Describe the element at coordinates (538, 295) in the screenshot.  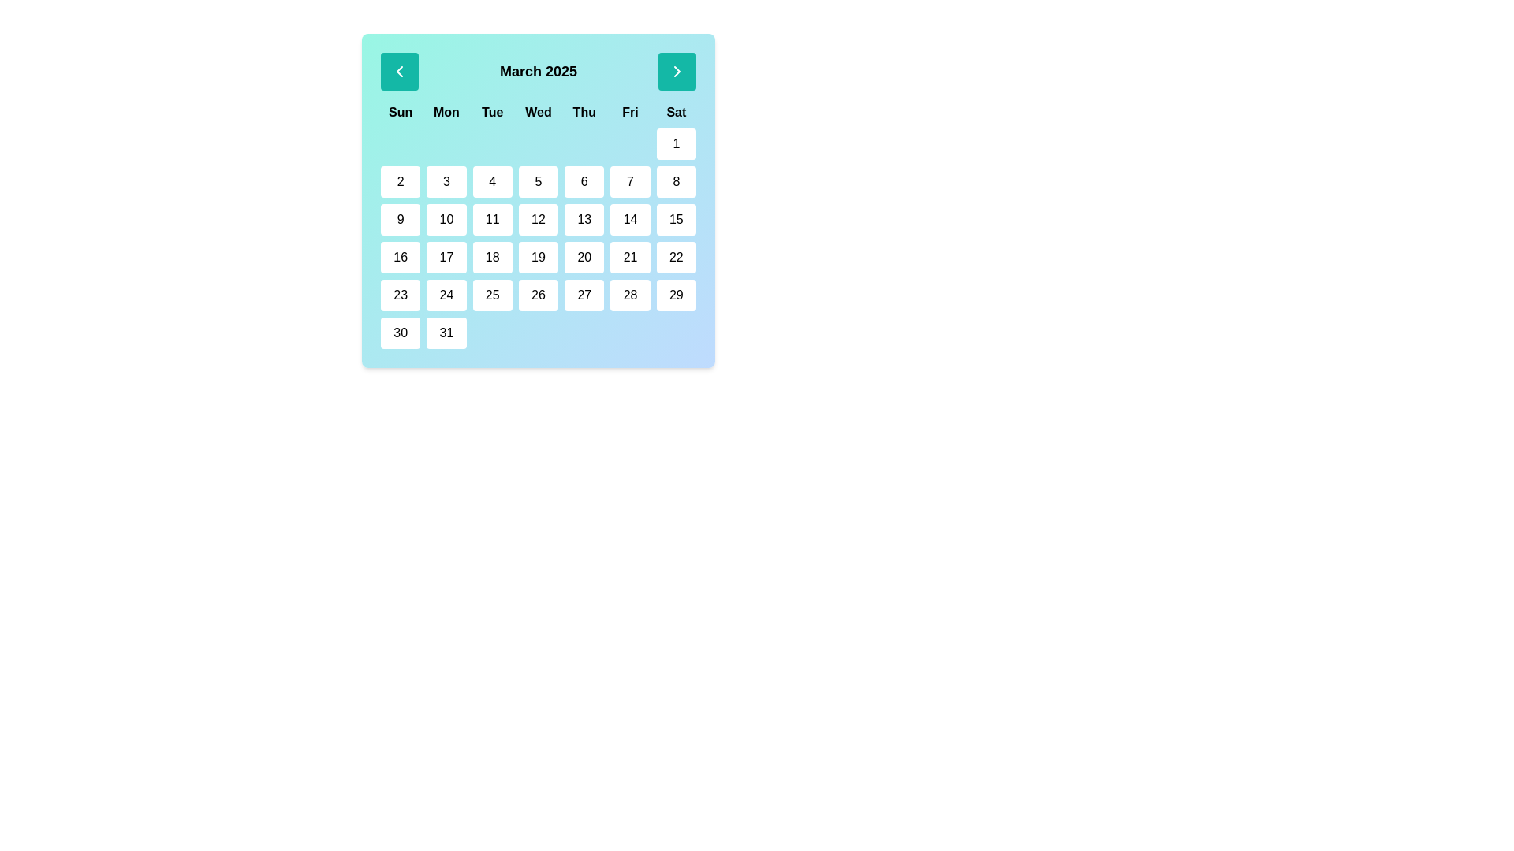
I see `the button representing the 26th day of the month in the calendar widget` at that location.